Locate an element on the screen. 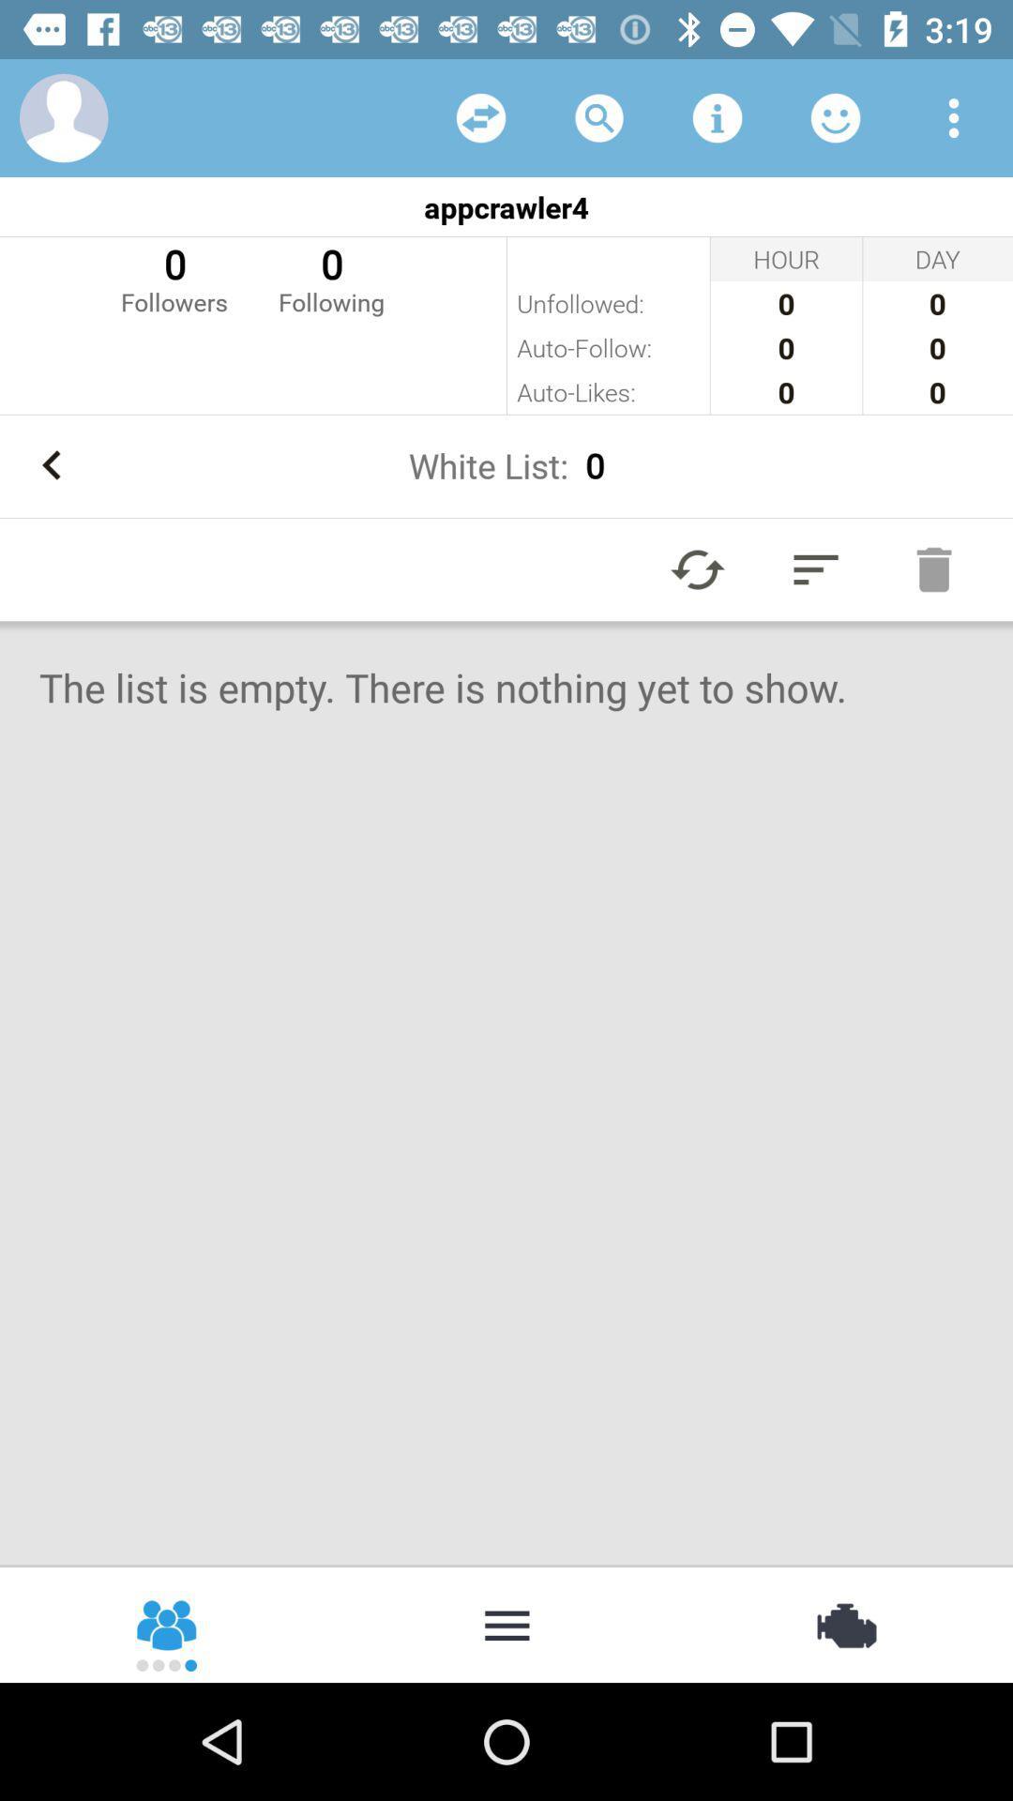 The image size is (1013, 1801). the icon below white list:  0 is located at coordinates (698, 568).